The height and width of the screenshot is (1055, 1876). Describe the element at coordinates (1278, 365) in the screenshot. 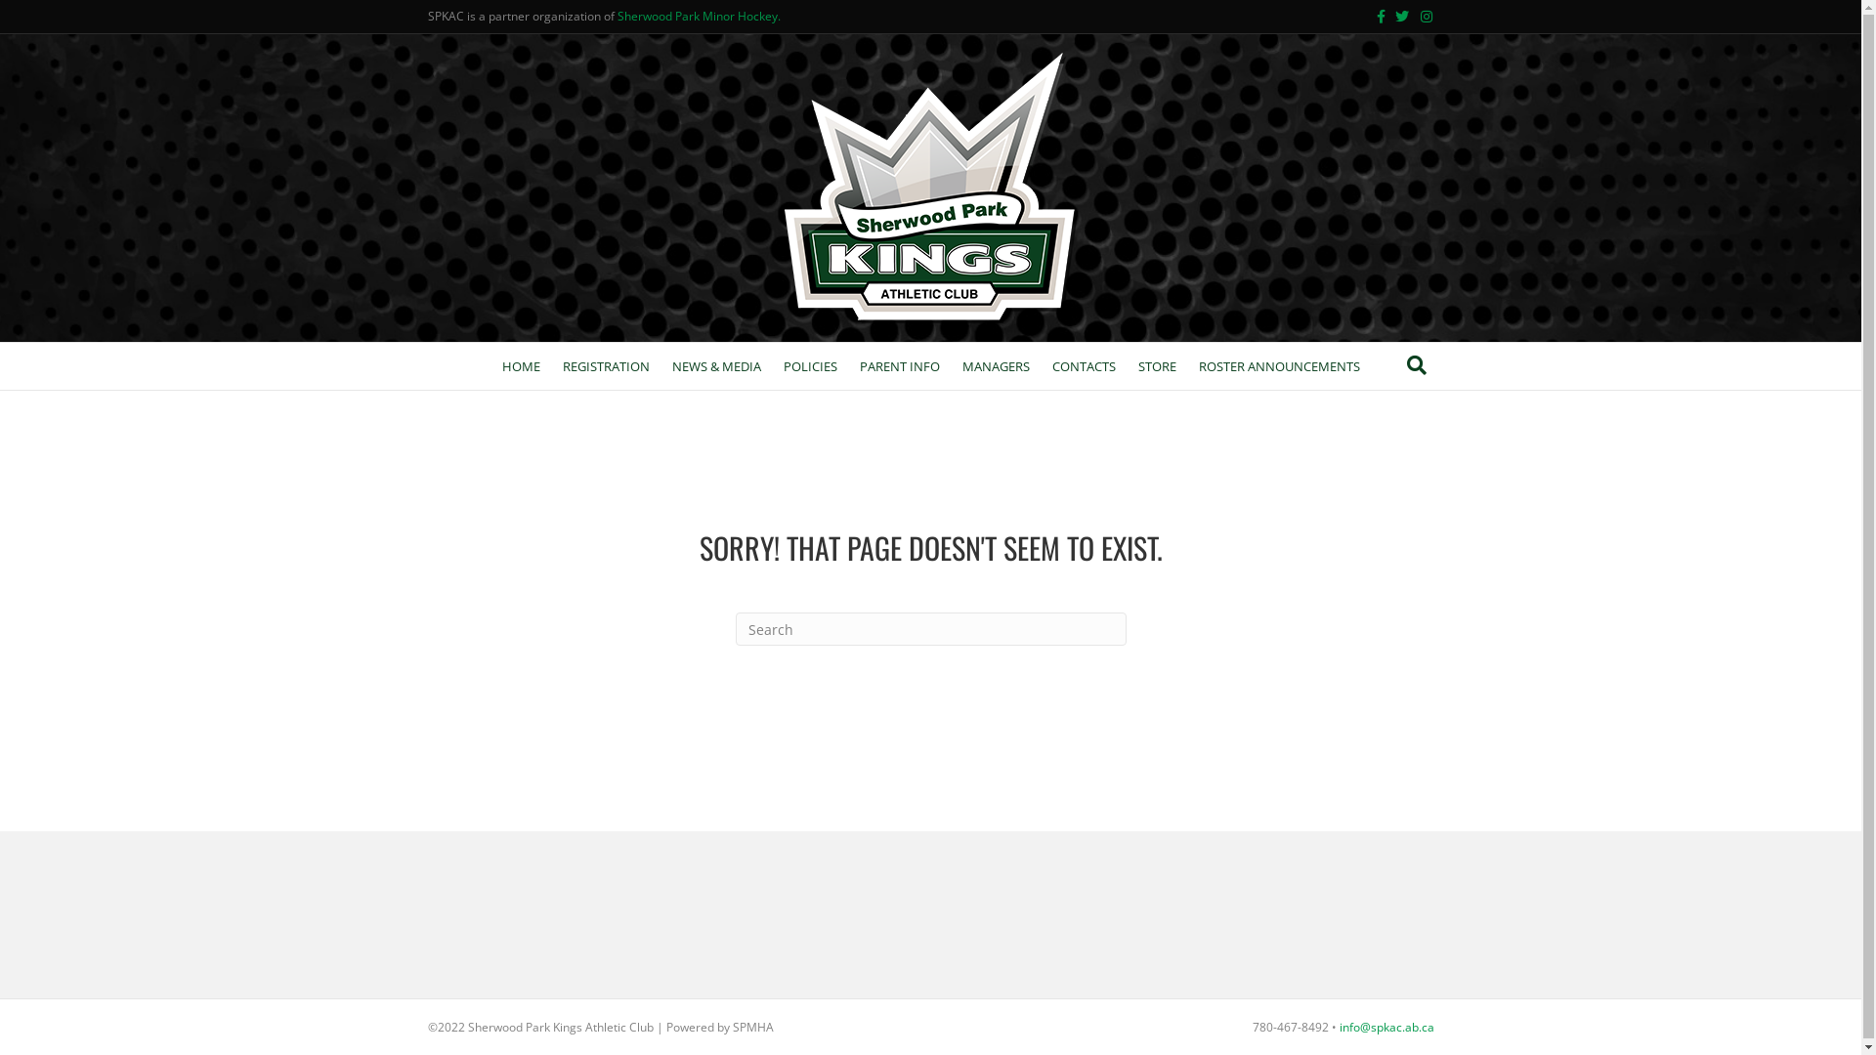

I see `'ROSTER ANNOUNCEMENTS'` at that location.